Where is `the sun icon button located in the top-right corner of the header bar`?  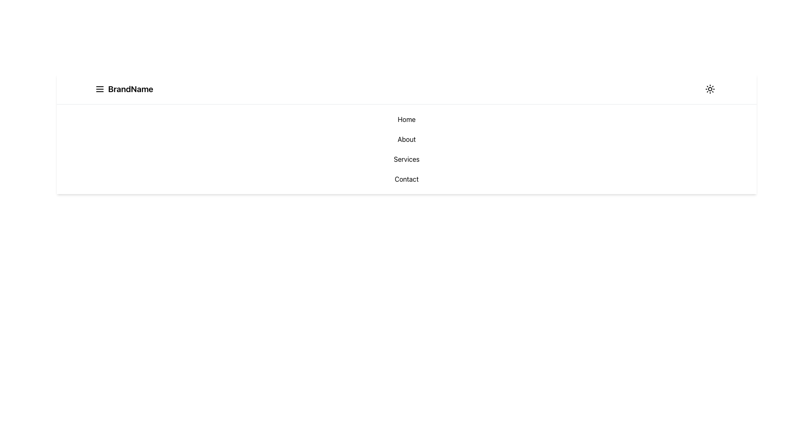 the sun icon button located in the top-right corner of the header bar is located at coordinates (710, 89).